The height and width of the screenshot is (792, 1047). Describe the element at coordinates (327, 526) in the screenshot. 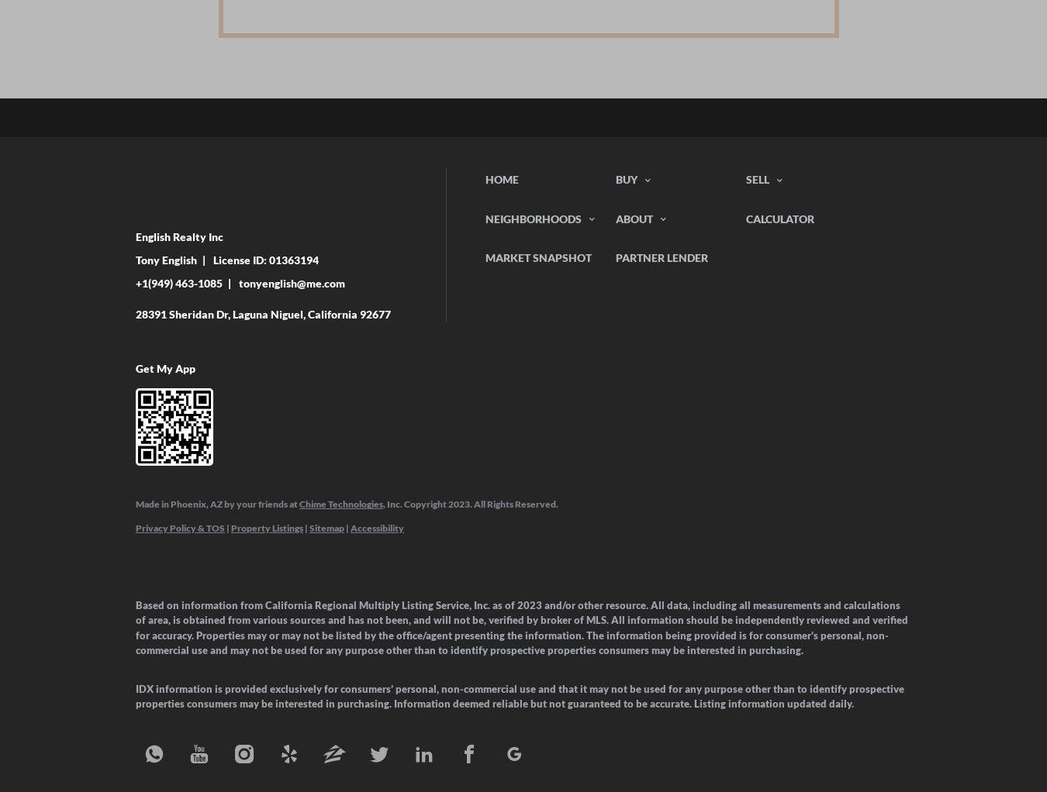

I see `'Sitemap'` at that location.